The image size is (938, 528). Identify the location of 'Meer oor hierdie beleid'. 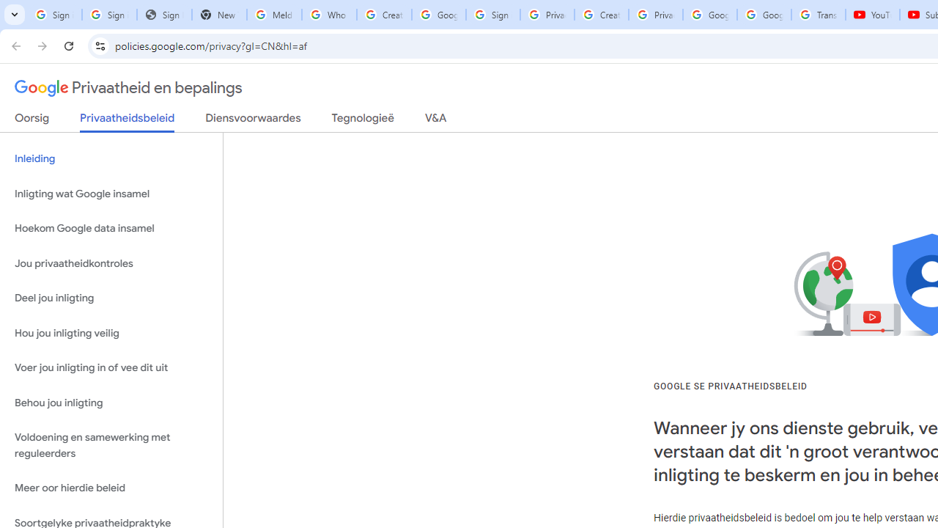
(111, 488).